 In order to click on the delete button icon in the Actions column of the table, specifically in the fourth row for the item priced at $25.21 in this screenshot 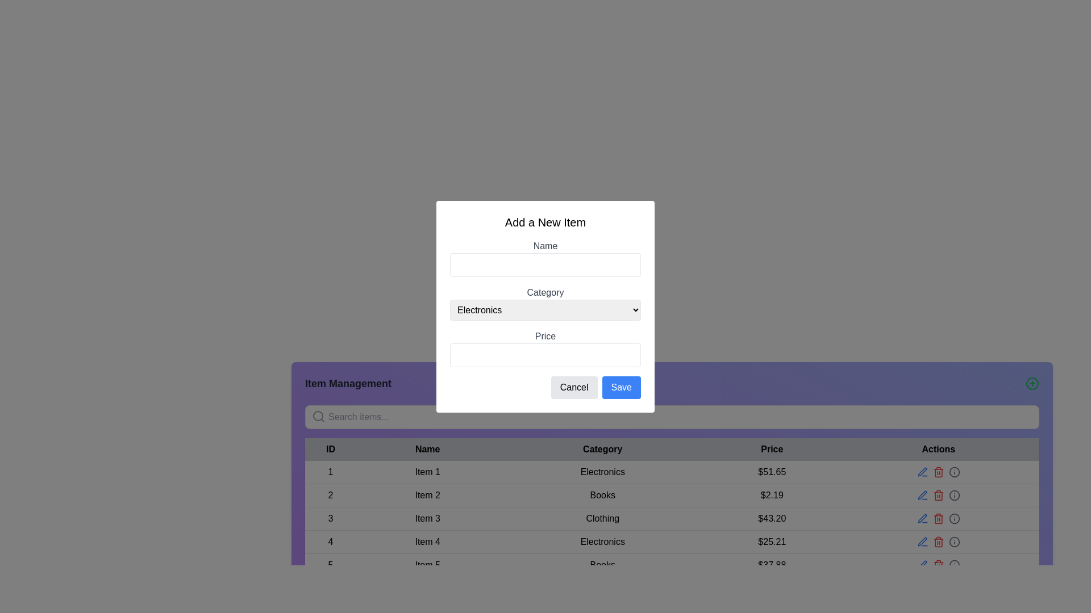, I will do `click(938, 541)`.